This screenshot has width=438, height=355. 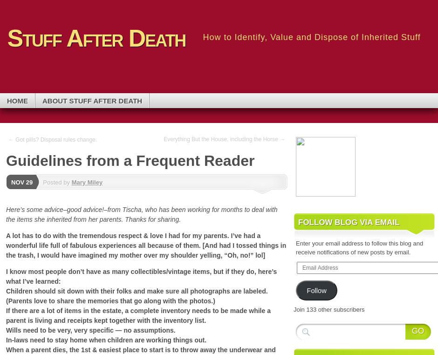 What do you see at coordinates (293, 309) in the screenshot?
I see `'Join 133 other subscribers'` at bounding box center [293, 309].